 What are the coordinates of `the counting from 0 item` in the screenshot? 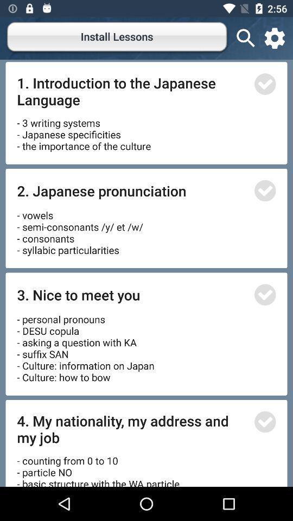 It's located at (100, 466).